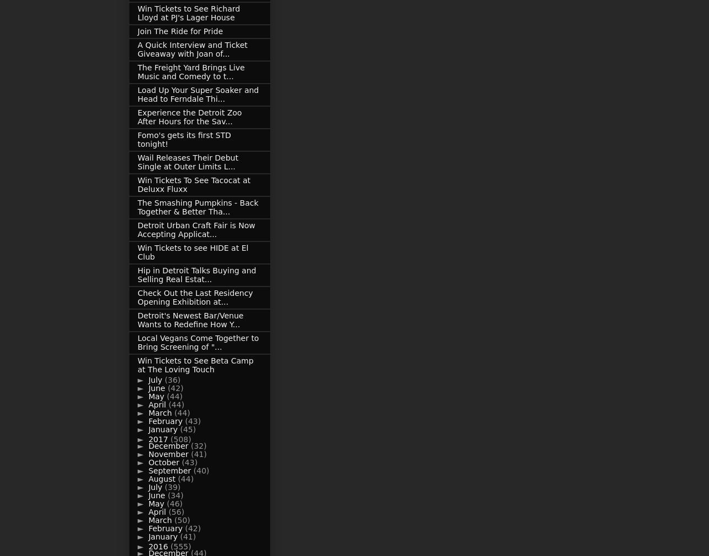  I want to click on 'November', so click(169, 453).